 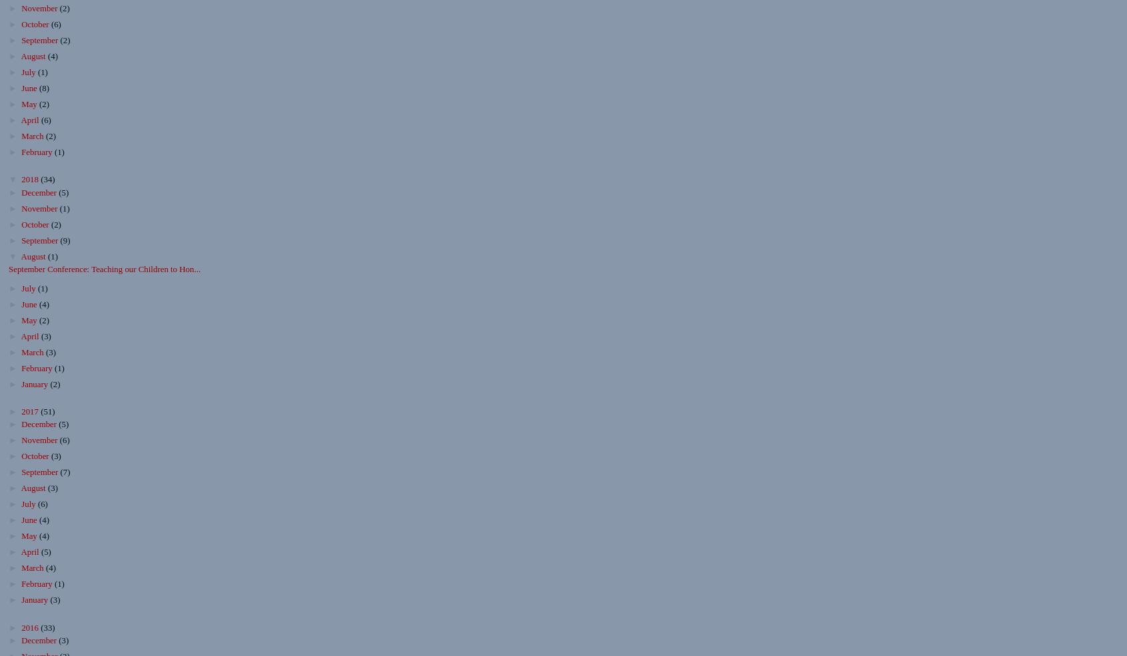 What do you see at coordinates (47, 411) in the screenshot?
I see `'(51)'` at bounding box center [47, 411].